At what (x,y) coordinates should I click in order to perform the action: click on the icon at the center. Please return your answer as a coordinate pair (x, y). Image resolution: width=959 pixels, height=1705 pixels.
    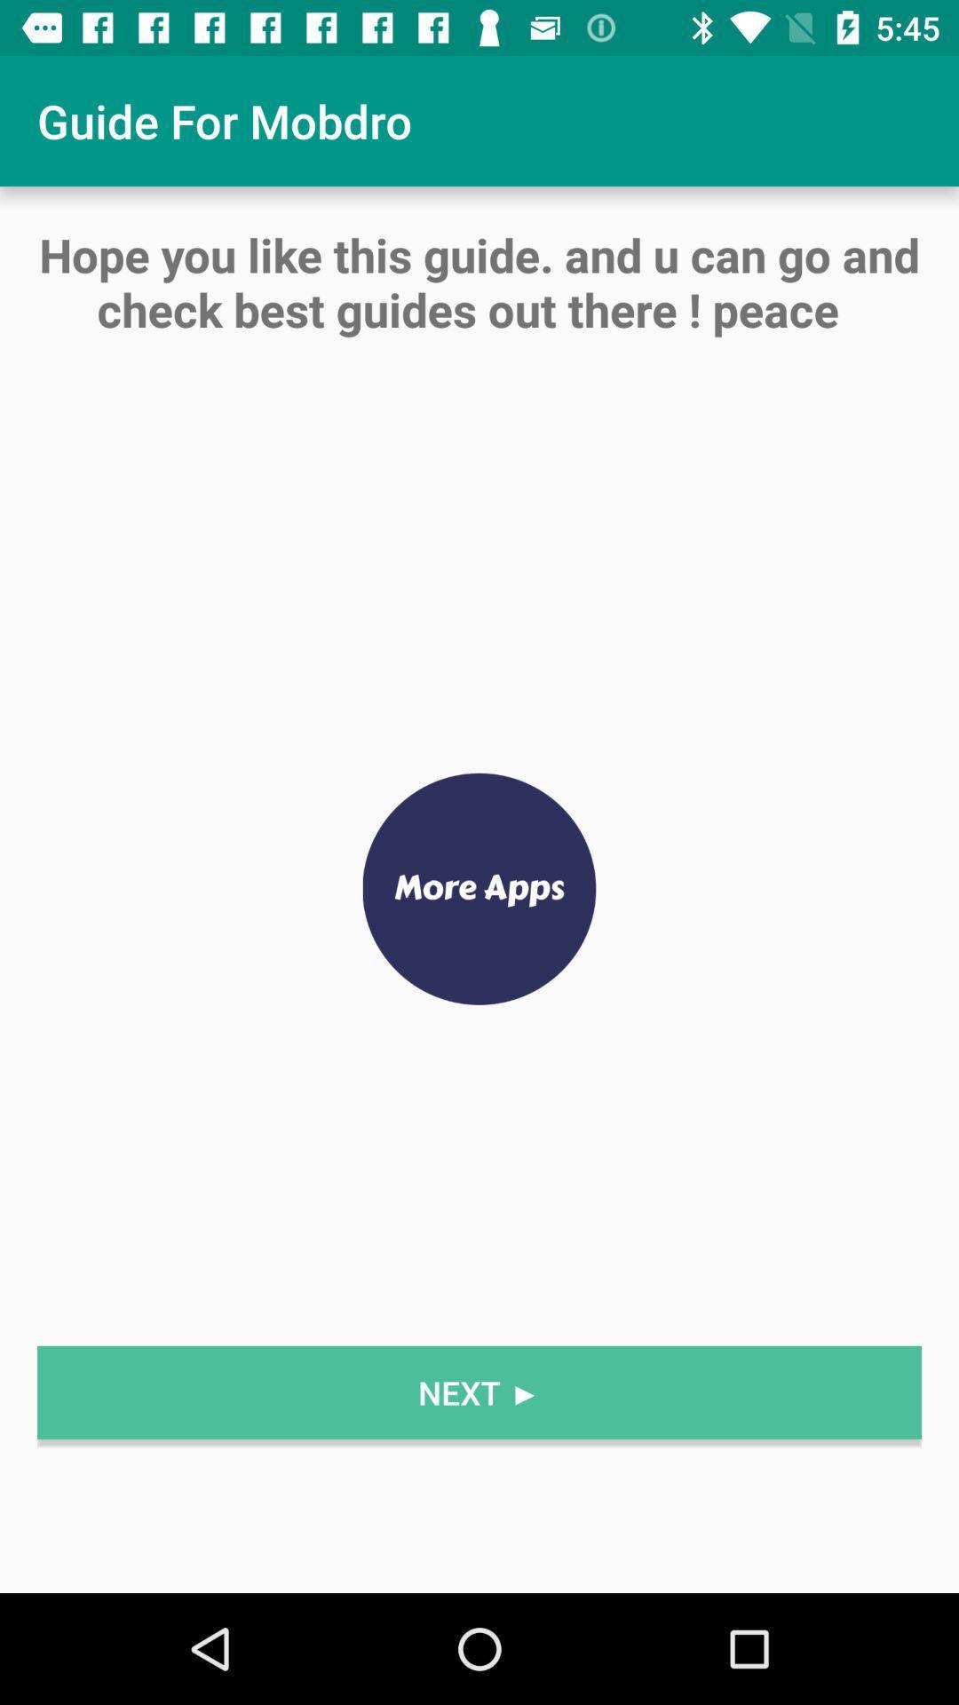
    Looking at the image, I should click on (479, 890).